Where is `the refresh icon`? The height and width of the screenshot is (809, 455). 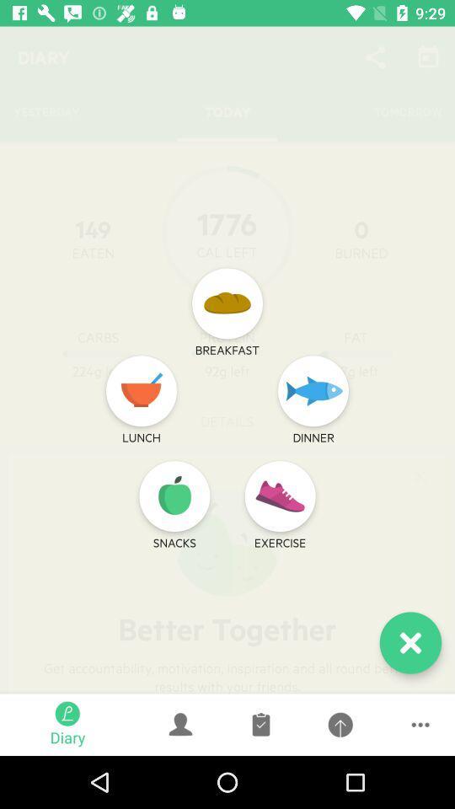 the refresh icon is located at coordinates (174, 496).